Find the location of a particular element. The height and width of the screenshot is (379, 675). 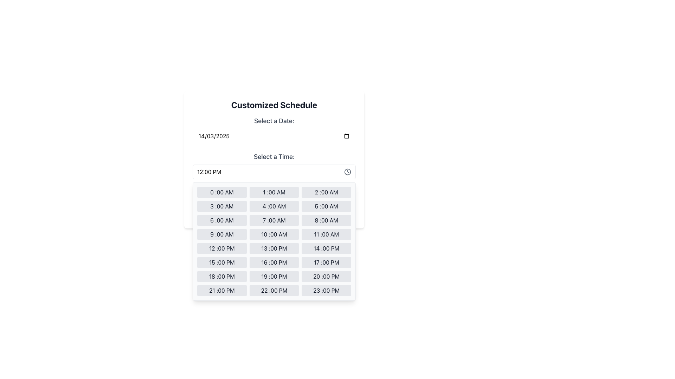

the grey rectangular button labeled '6:00 AM' is located at coordinates (221, 220).